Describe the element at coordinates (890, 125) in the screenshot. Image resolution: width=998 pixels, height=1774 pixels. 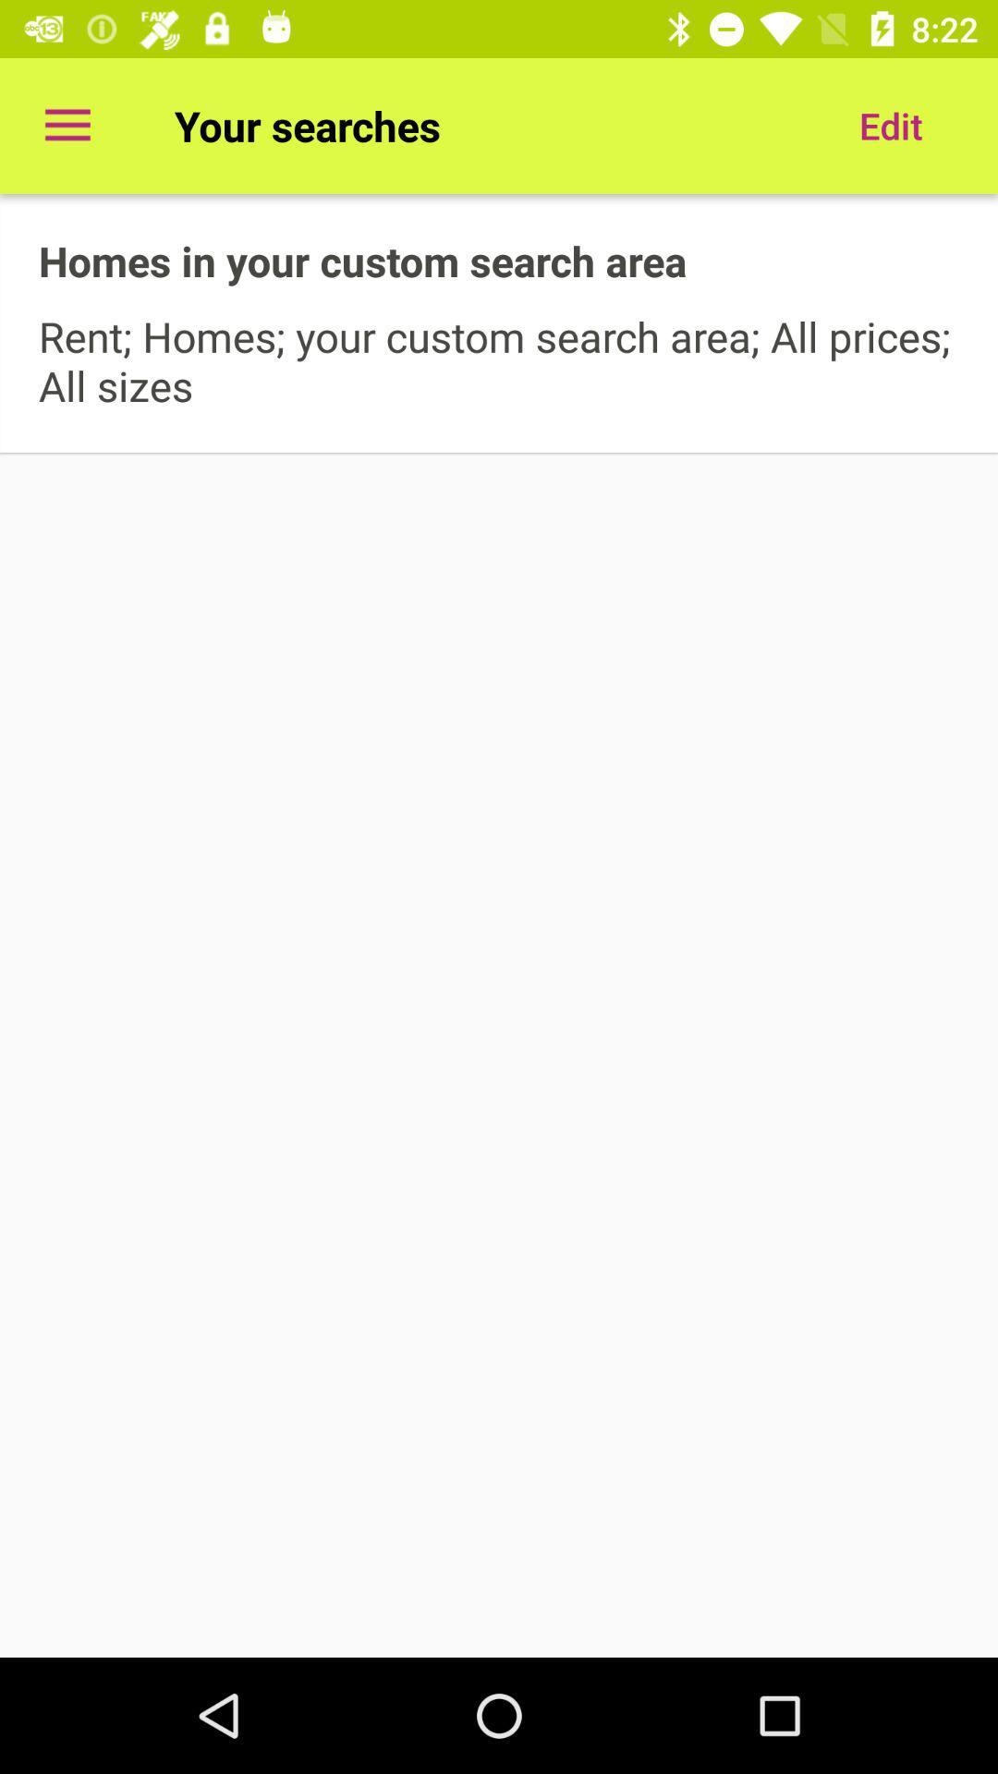
I see `icon to the right of your searches` at that location.